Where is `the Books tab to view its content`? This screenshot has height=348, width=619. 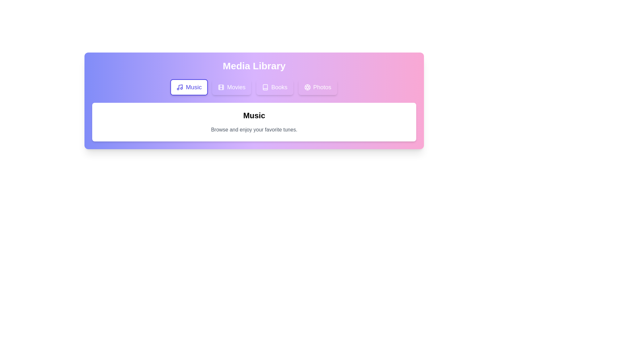
the Books tab to view its content is located at coordinates (275, 87).